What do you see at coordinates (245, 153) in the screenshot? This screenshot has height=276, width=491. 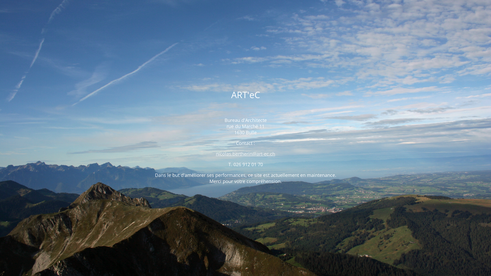 I see `'nicolas.bertherin@art-ec.ch'` at bounding box center [245, 153].